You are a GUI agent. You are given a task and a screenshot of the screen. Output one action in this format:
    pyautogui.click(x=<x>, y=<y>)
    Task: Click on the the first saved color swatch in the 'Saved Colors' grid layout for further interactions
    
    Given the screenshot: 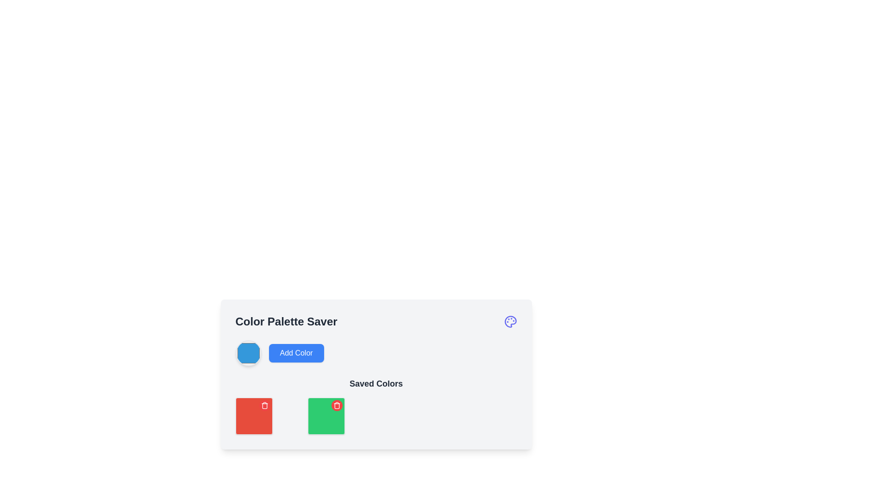 What is the action you would take?
    pyautogui.click(x=254, y=415)
    